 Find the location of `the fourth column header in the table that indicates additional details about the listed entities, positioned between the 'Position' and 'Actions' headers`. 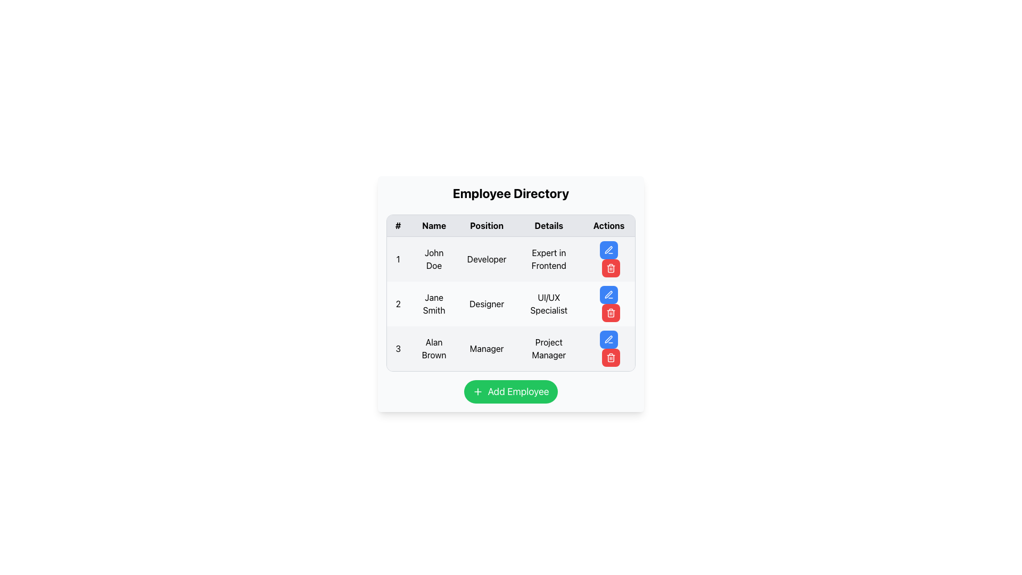

the fourth column header in the table that indicates additional details about the listed entities, positioned between the 'Position' and 'Actions' headers is located at coordinates (549, 225).